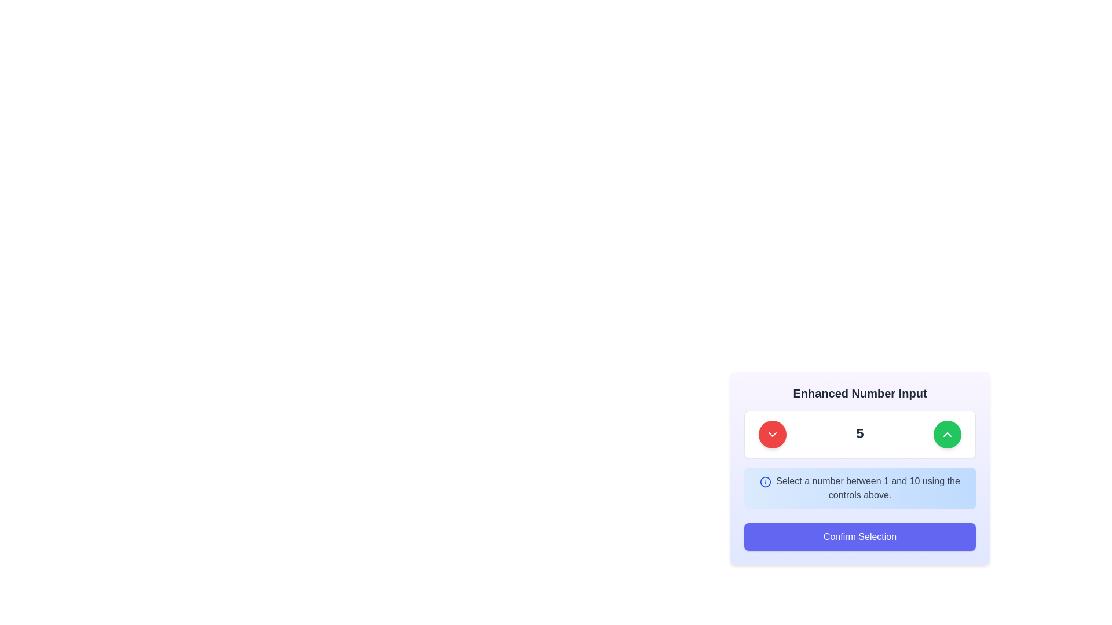  I want to click on the 'Confirm Selection' button, which is a rectangular button with a purple gradient background and white text, located at the bottom of a card in the lower right part of the viewport to confirm the selection, so click(859, 537).